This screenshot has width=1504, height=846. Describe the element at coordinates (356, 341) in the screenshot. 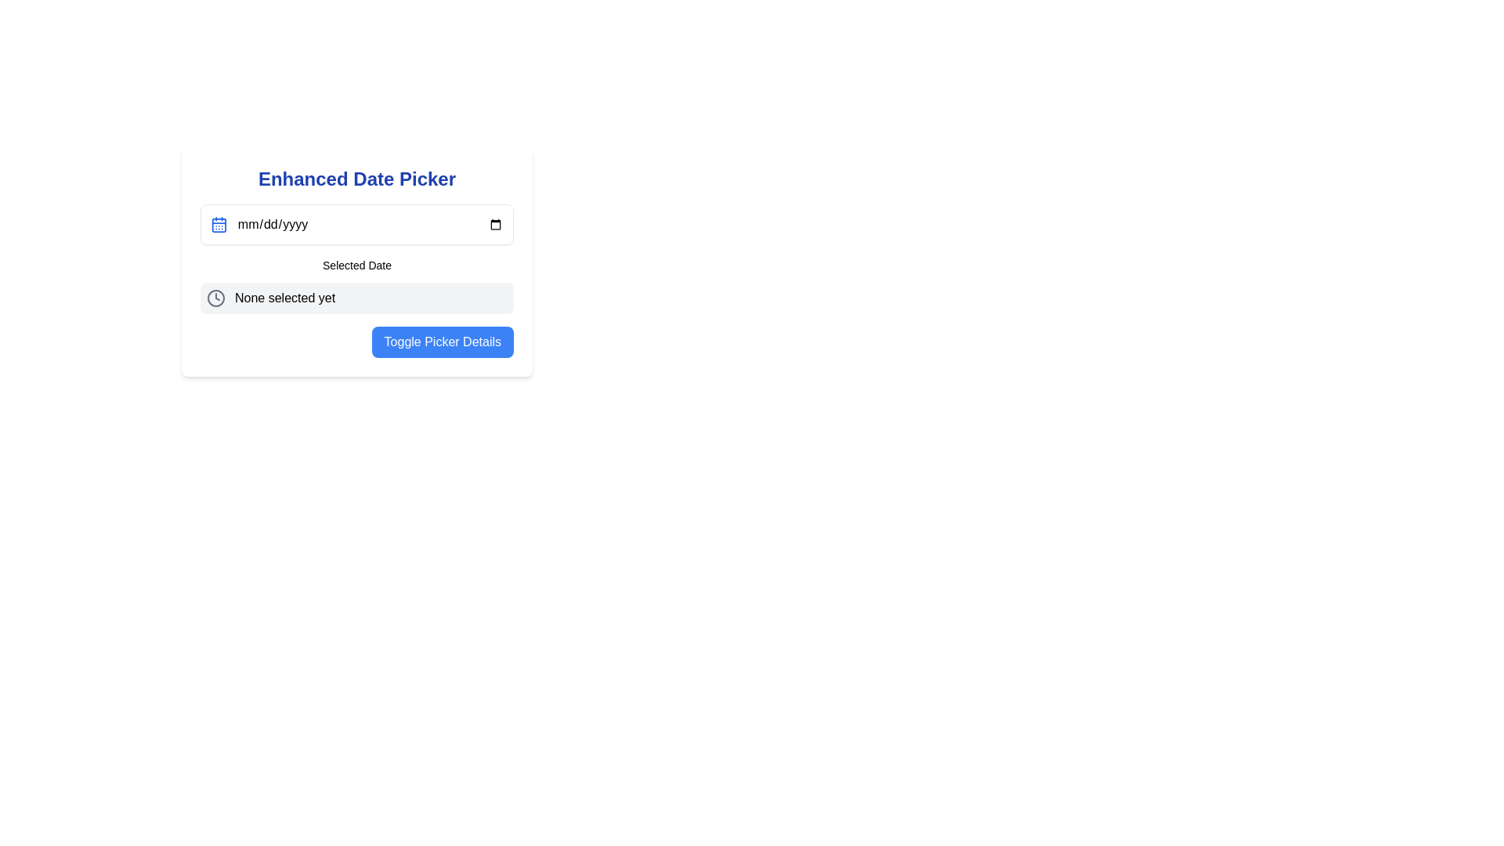

I see `the button located at the bottom-right of the 'Enhanced Date Picker' card` at that location.